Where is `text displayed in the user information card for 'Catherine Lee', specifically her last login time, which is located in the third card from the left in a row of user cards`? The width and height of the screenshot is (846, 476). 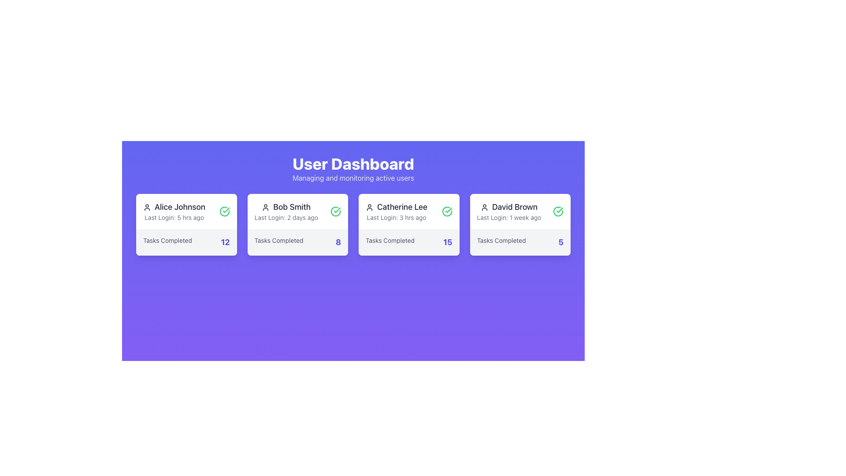
text displayed in the user information card for 'Catherine Lee', specifically her last login time, which is located in the third card from the left in a row of user cards is located at coordinates (396, 211).